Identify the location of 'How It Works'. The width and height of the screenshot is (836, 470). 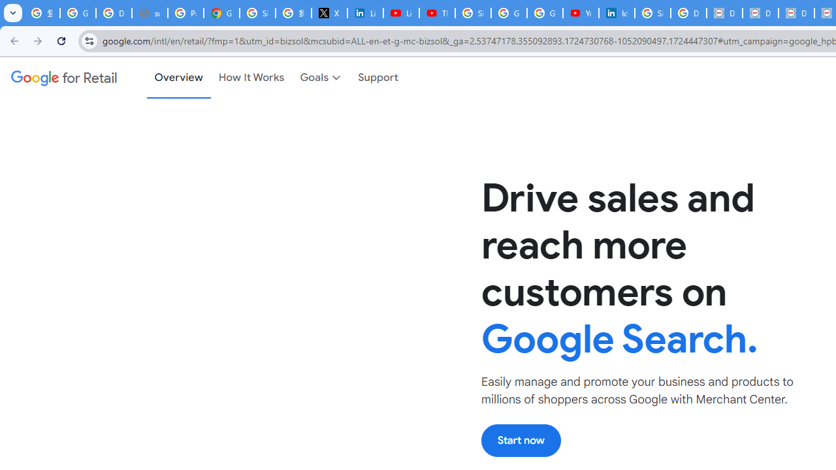
(251, 78).